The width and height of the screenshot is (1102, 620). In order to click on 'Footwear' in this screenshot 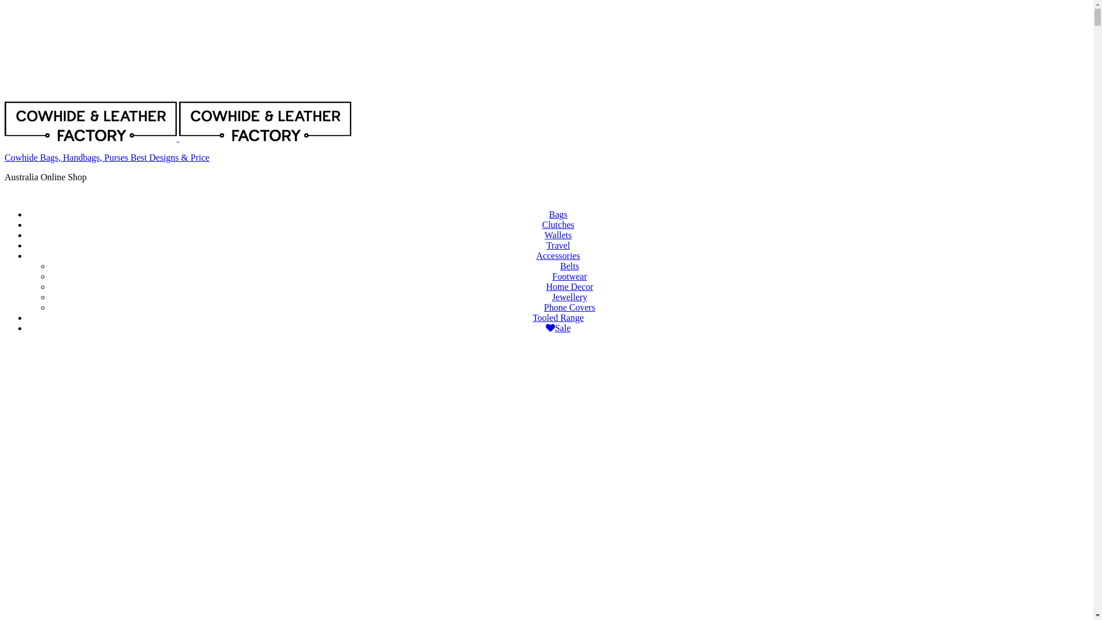, I will do `click(552, 276)`.